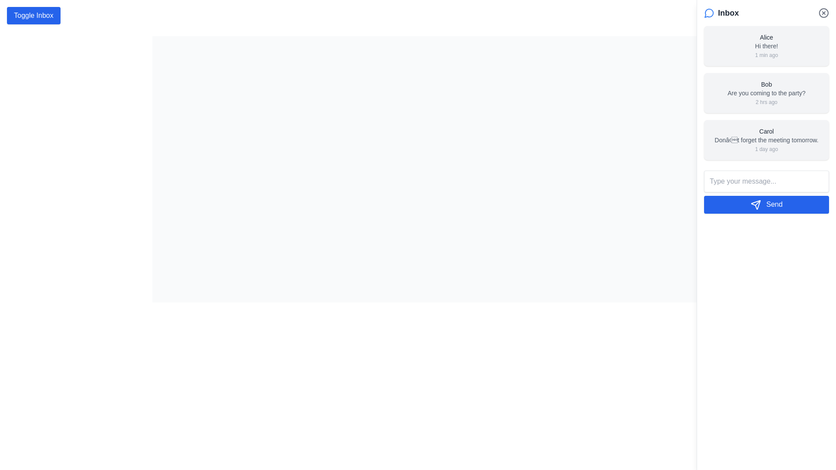 This screenshot has height=470, width=836. I want to click on the circular close button located at the top-right corner of the Inbox panel, which is part of an icon with a crossed line in the center, so click(823, 13).